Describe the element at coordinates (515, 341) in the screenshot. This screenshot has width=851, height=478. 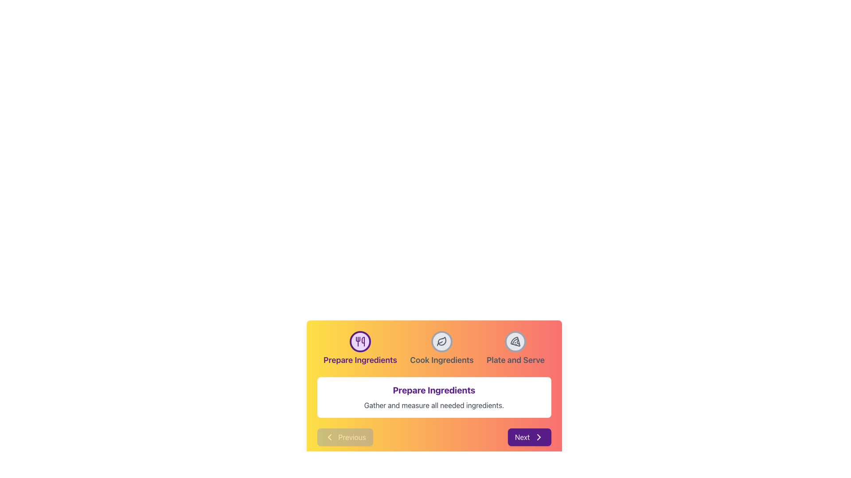
I see `the 'Plate and Serve' icon, which is the third icon in the top row of the highlighted section` at that location.